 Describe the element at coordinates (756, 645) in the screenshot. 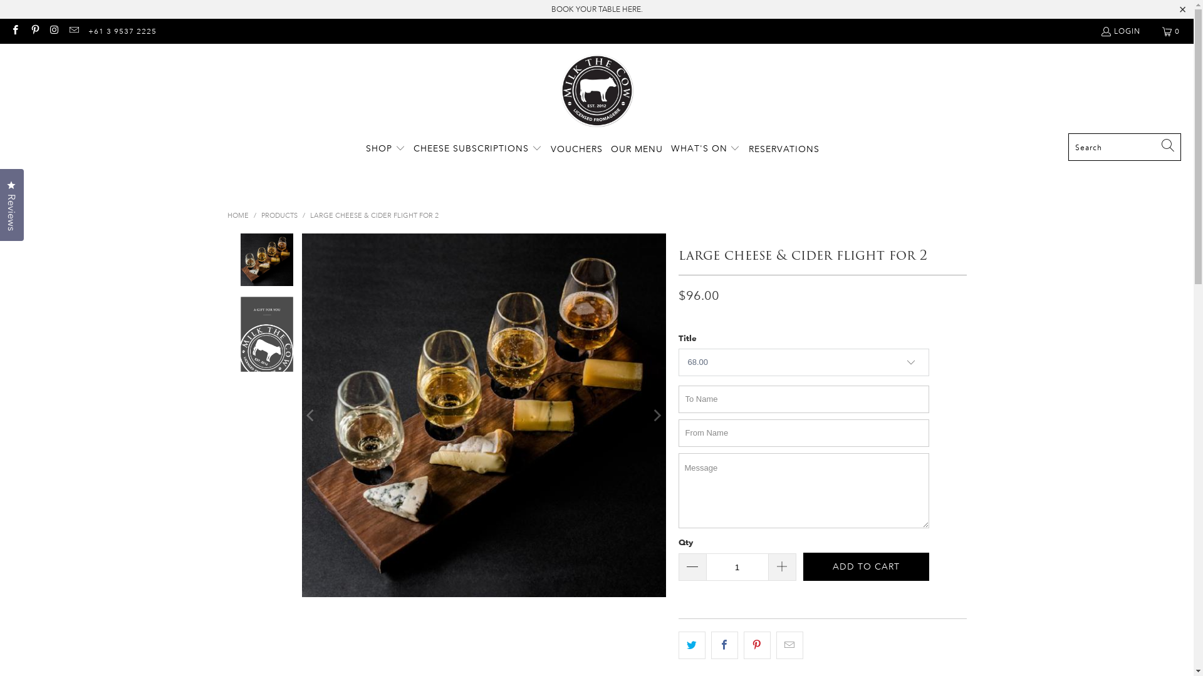

I see `'Share this on Pinterest'` at that location.